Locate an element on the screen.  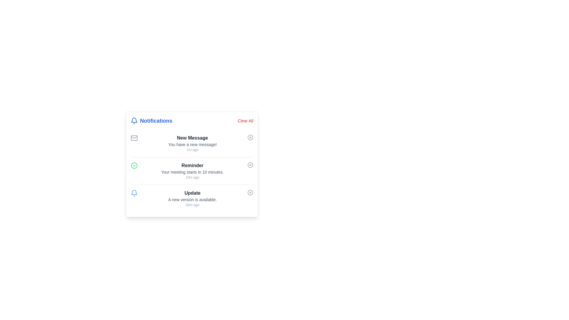
the 'Notifications' label with the bell icon, which is styled in blue and located at the top-left region of the notifications panel is located at coordinates (151, 121).